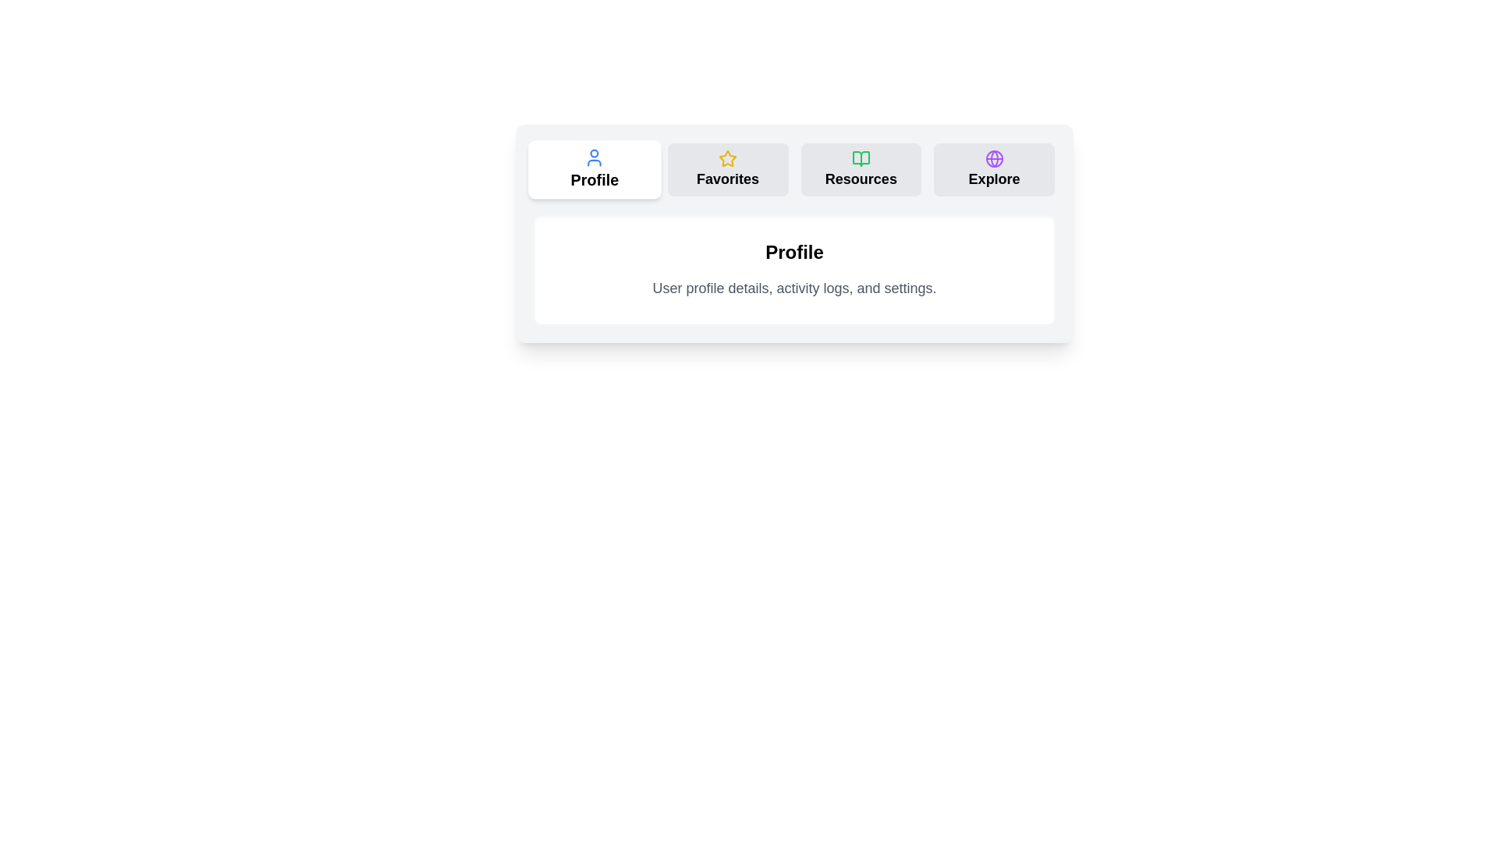  I want to click on the tab labeled Favorites, so click(727, 170).